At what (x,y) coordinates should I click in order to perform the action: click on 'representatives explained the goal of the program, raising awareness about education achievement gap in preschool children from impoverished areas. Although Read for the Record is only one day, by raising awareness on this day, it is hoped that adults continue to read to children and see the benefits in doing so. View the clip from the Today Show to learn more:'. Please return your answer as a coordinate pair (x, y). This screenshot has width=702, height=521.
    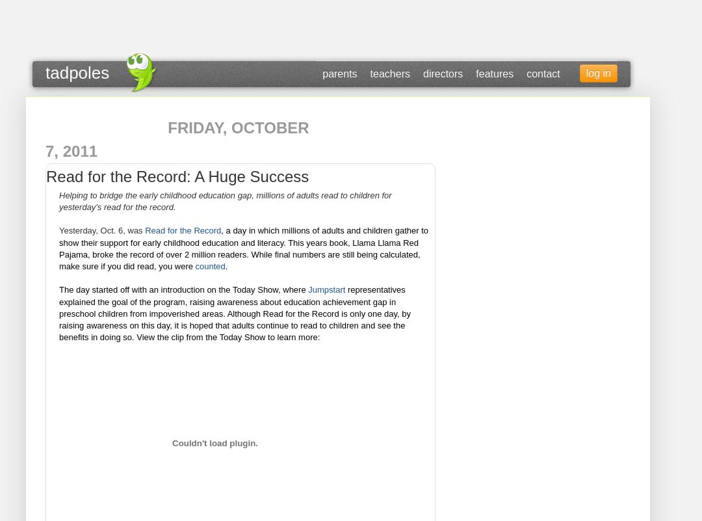
    Looking at the image, I should click on (235, 312).